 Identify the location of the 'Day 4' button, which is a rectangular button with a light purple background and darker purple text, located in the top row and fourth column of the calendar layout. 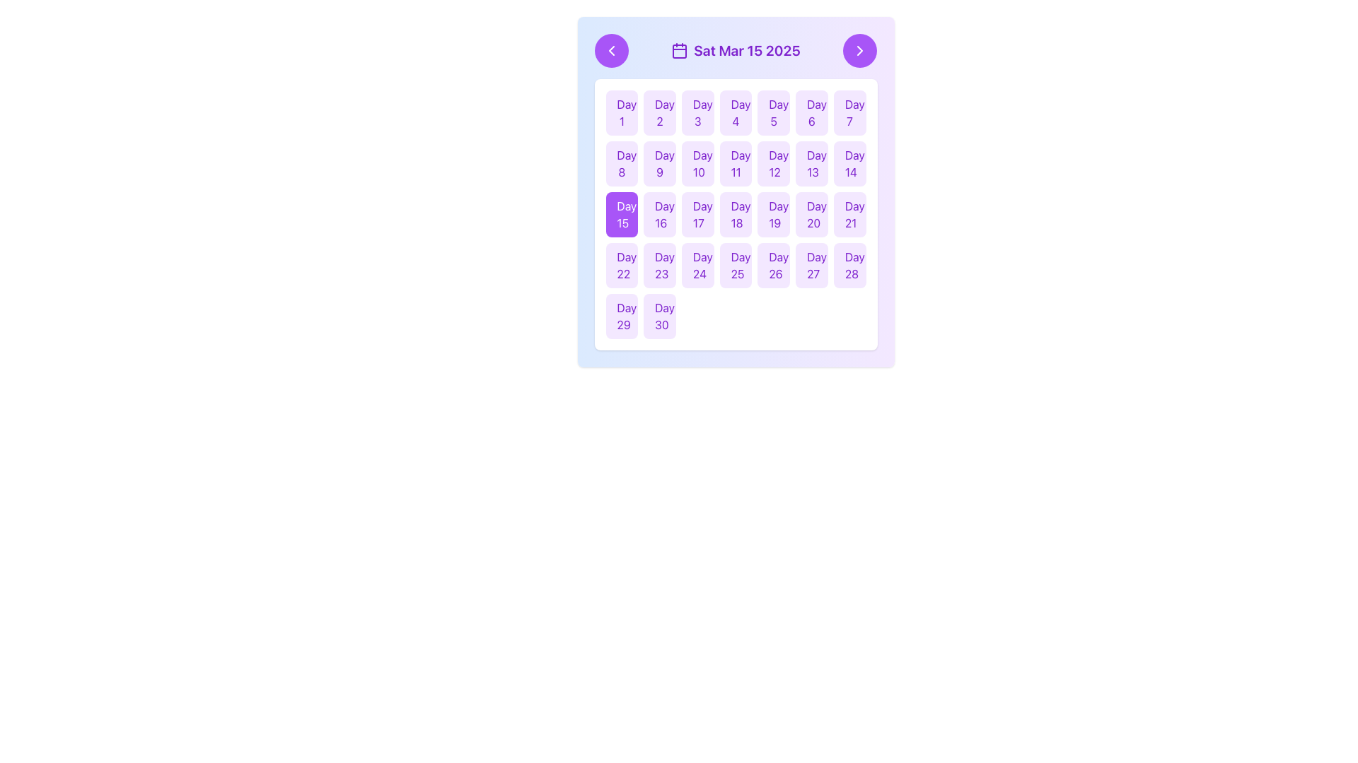
(736, 112).